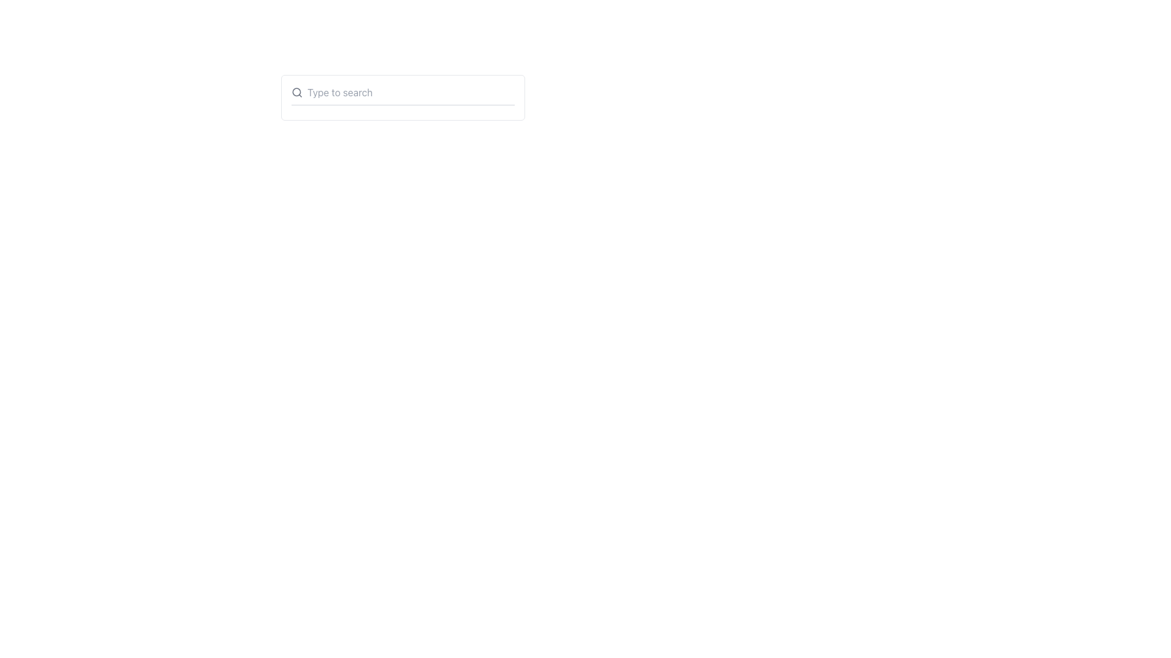 The image size is (1171, 658). I want to click on the search icon, which is a circular magnifying glass styled element with a gray stroke color, located to the left of the 'Type to search' text input field, so click(296, 91).